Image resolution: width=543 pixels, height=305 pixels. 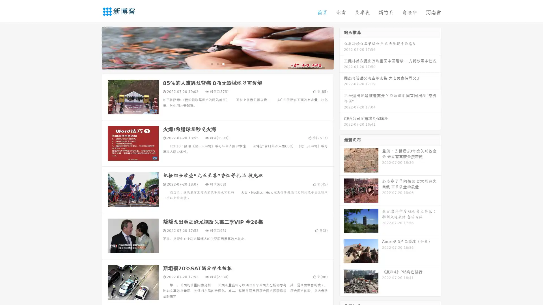 What do you see at coordinates (217, 64) in the screenshot?
I see `Go to slide 2` at bounding box center [217, 64].